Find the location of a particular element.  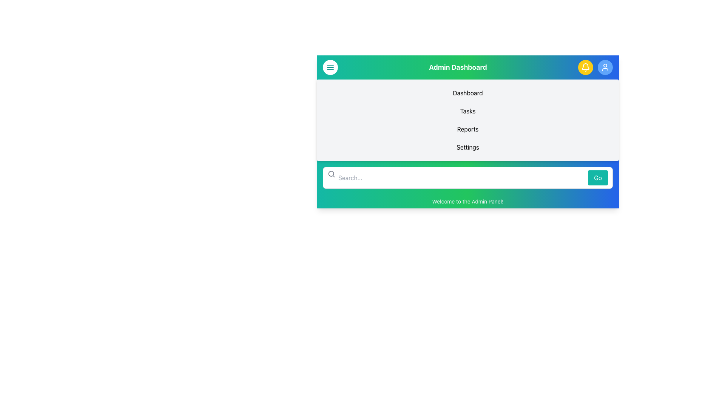

the 'Dashboard' link in the vertical navigation menu is located at coordinates (467, 92).